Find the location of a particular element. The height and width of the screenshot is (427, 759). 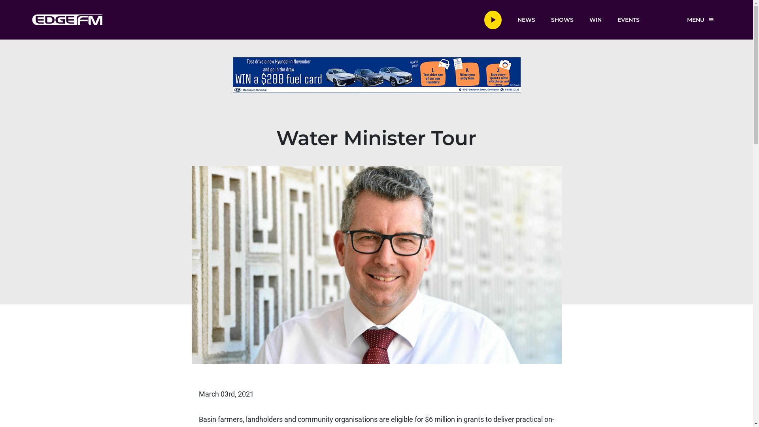

'EVENTS' is located at coordinates (628, 19).